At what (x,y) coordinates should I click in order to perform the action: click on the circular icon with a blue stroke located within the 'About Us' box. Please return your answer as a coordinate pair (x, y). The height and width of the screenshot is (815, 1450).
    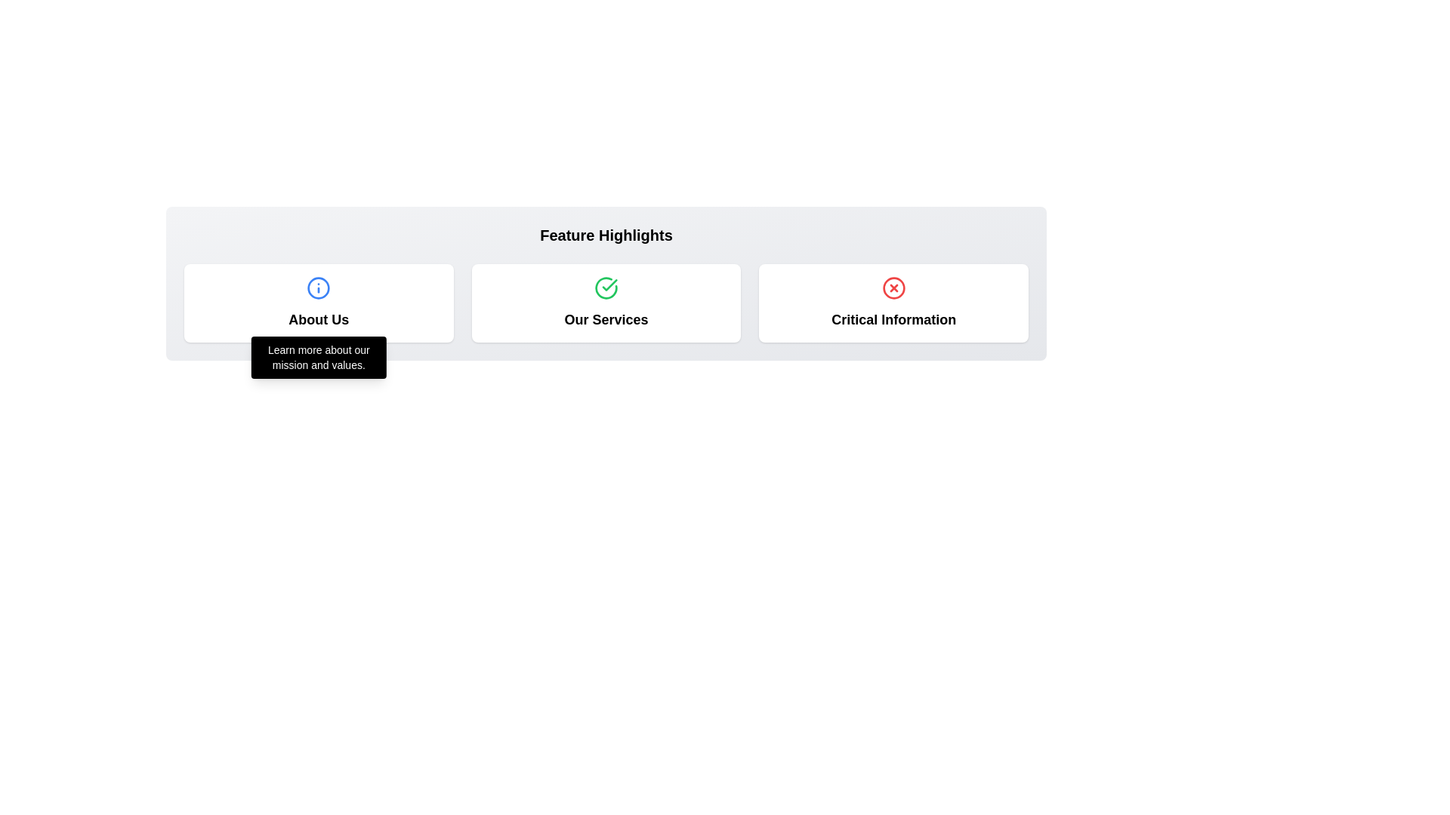
    Looking at the image, I should click on (318, 288).